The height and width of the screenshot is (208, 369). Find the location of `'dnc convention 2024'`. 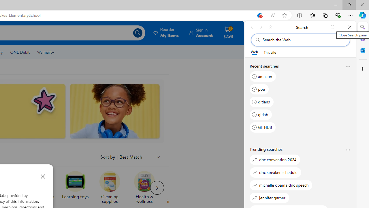

'dnc convention 2024' is located at coordinates (275, 159).